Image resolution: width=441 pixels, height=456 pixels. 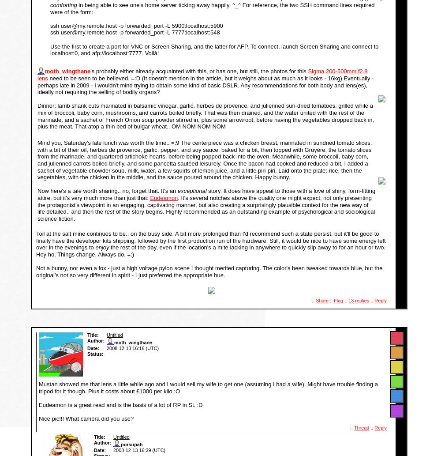 What do you see at coordinates (37, 84) in the screenshot?
I see `'need to be seen to be believed. =:D  (It doesn't mention in the article, but it weighs about as much as it looks - 16kg)  Eventually - perhaps late in 2009 - I wouldn't mind trying to obtain some kind of basic DSLR. Any recommendations for both body and lens(es), ideally not requiring the selling of bodily organs?'` at bounding box center [37, 84].